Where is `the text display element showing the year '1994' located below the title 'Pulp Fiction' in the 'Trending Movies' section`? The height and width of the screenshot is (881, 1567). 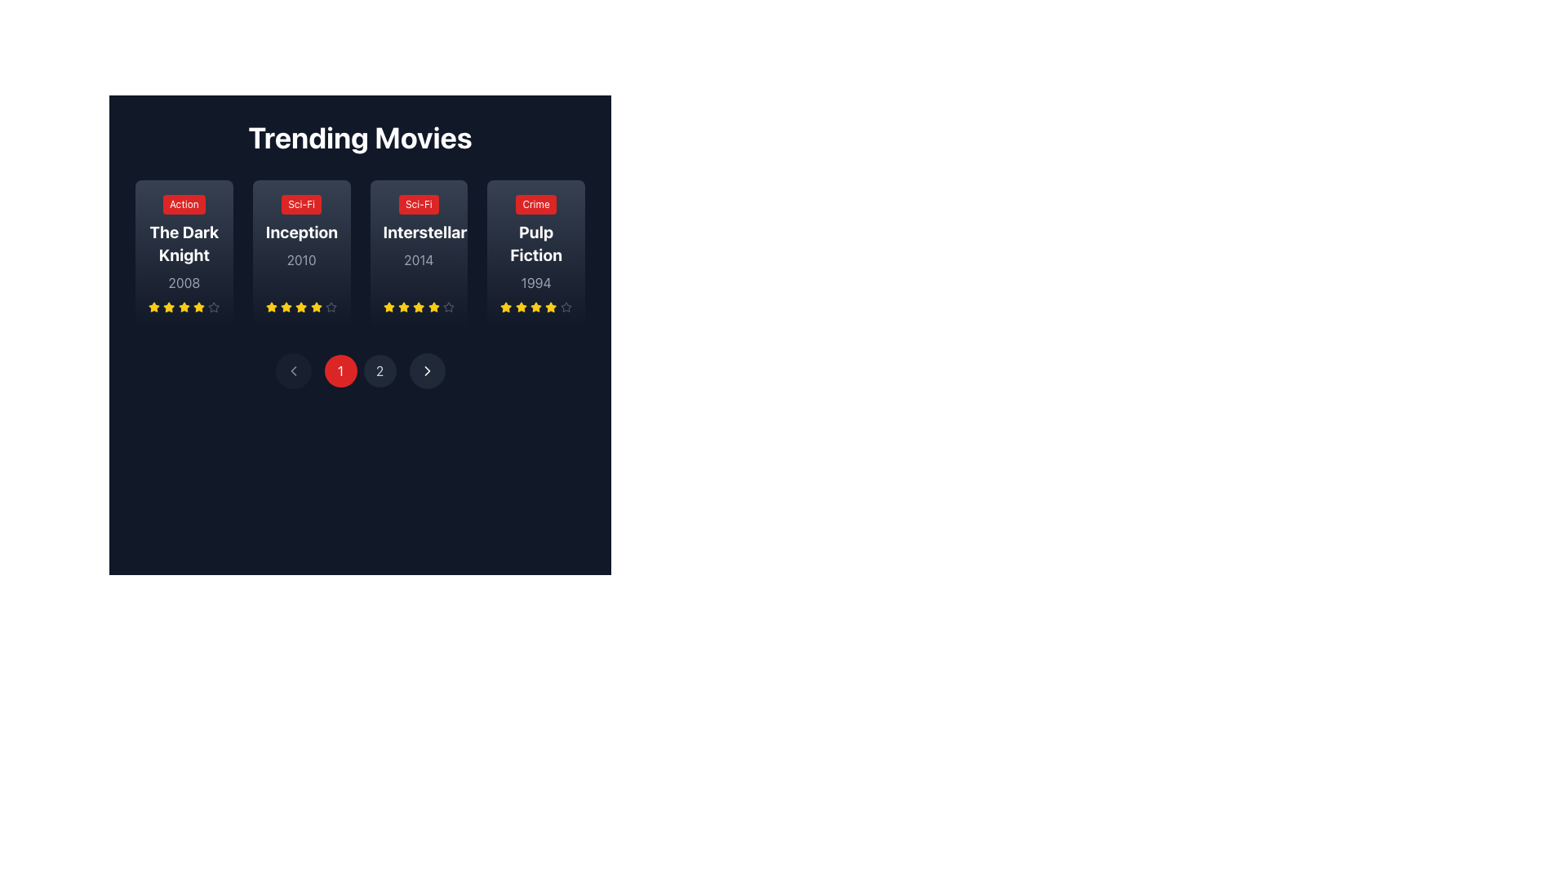 the text display element showing the year '1994' located below the title 'Pulp Fiction' in the 'Trending Movies' section is located at coordinates (536, 282).